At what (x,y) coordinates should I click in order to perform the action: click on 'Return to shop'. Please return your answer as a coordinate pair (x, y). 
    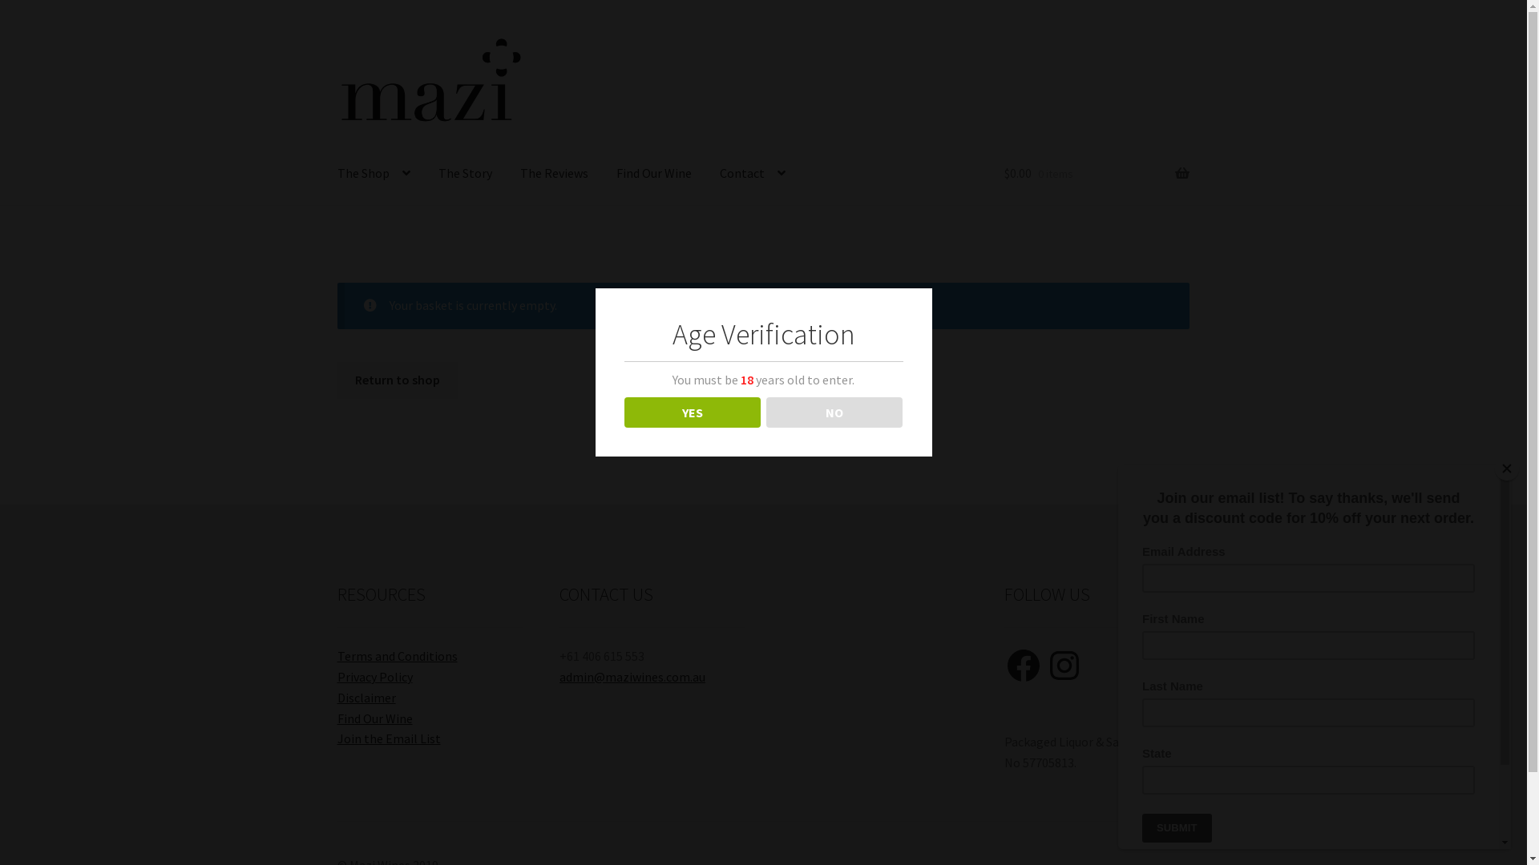
    Looking at the image, I should click on (398, 380).